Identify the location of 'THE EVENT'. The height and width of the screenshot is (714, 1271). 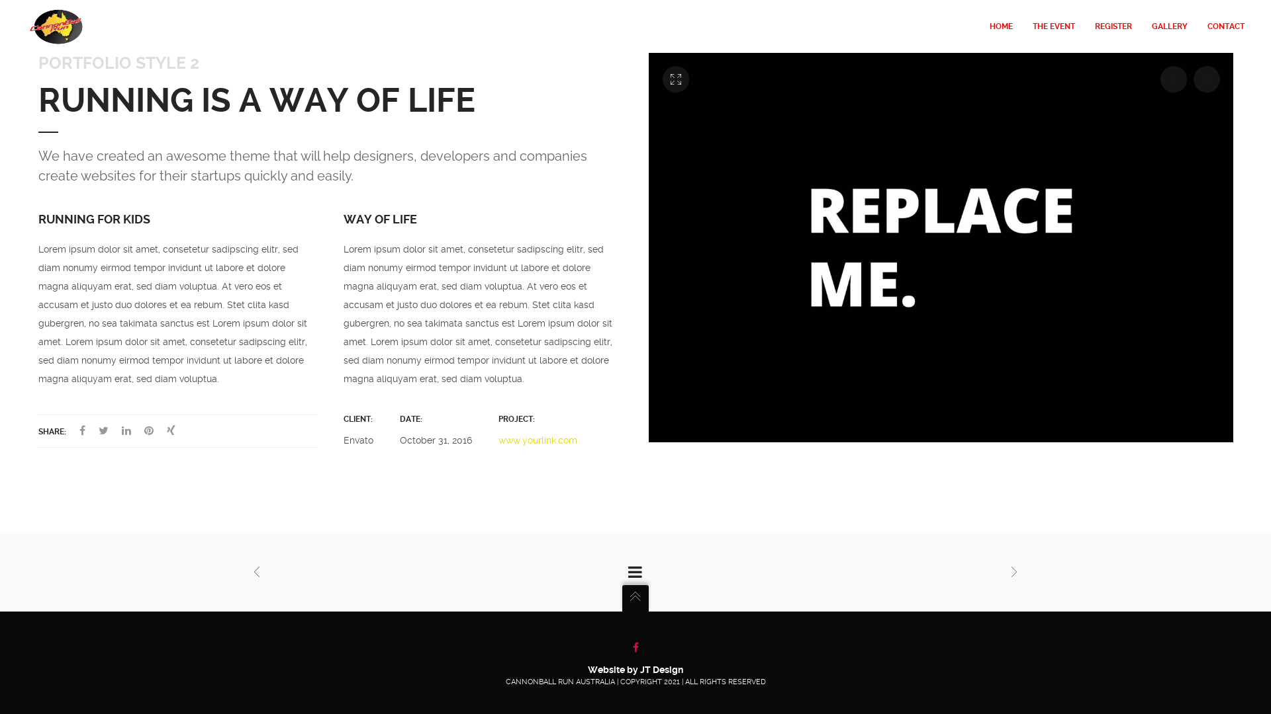
(1053, 26).